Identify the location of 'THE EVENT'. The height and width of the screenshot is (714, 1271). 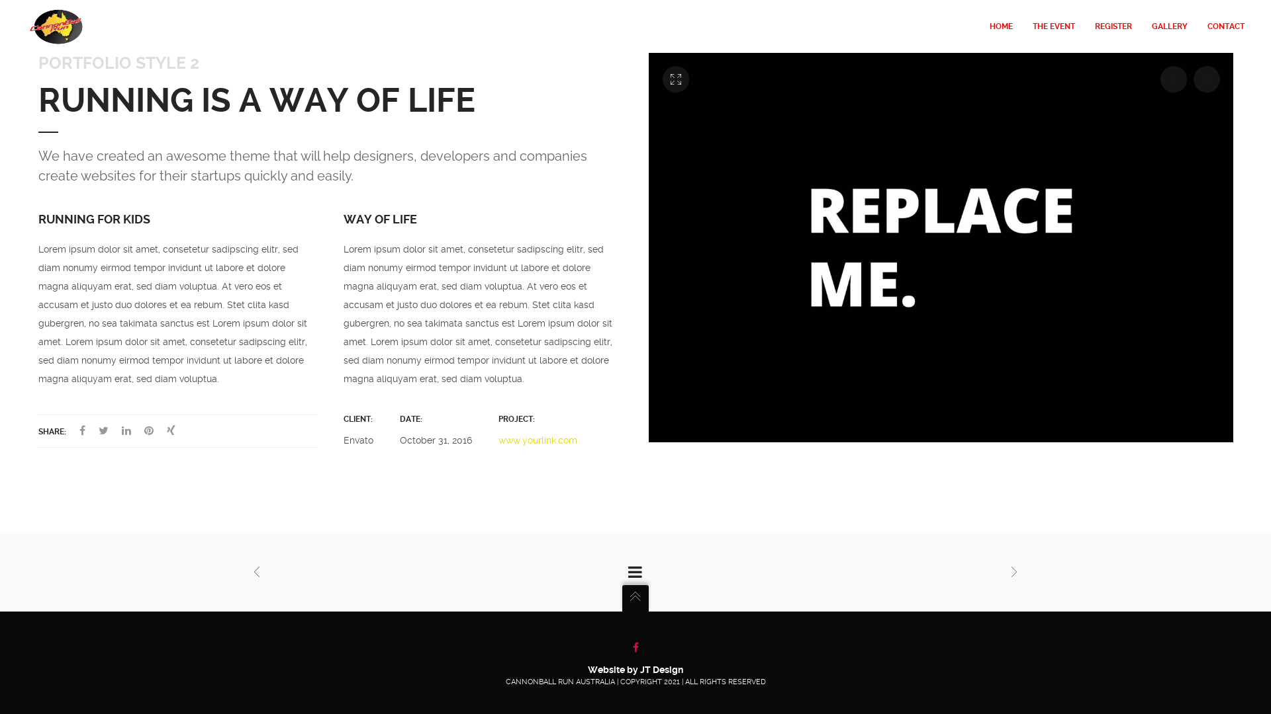
(1053, 26).